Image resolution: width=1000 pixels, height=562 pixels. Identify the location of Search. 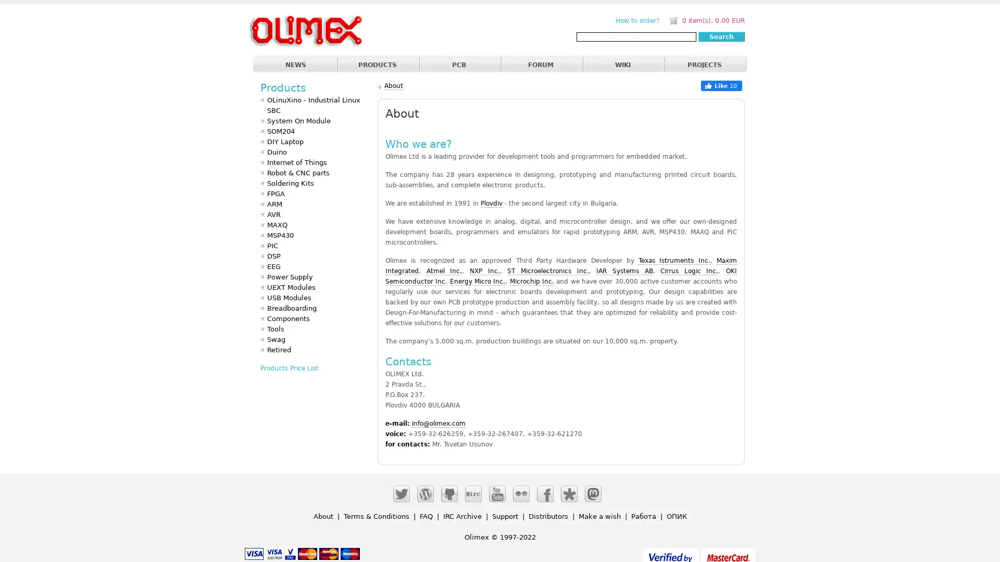
(721, 36).